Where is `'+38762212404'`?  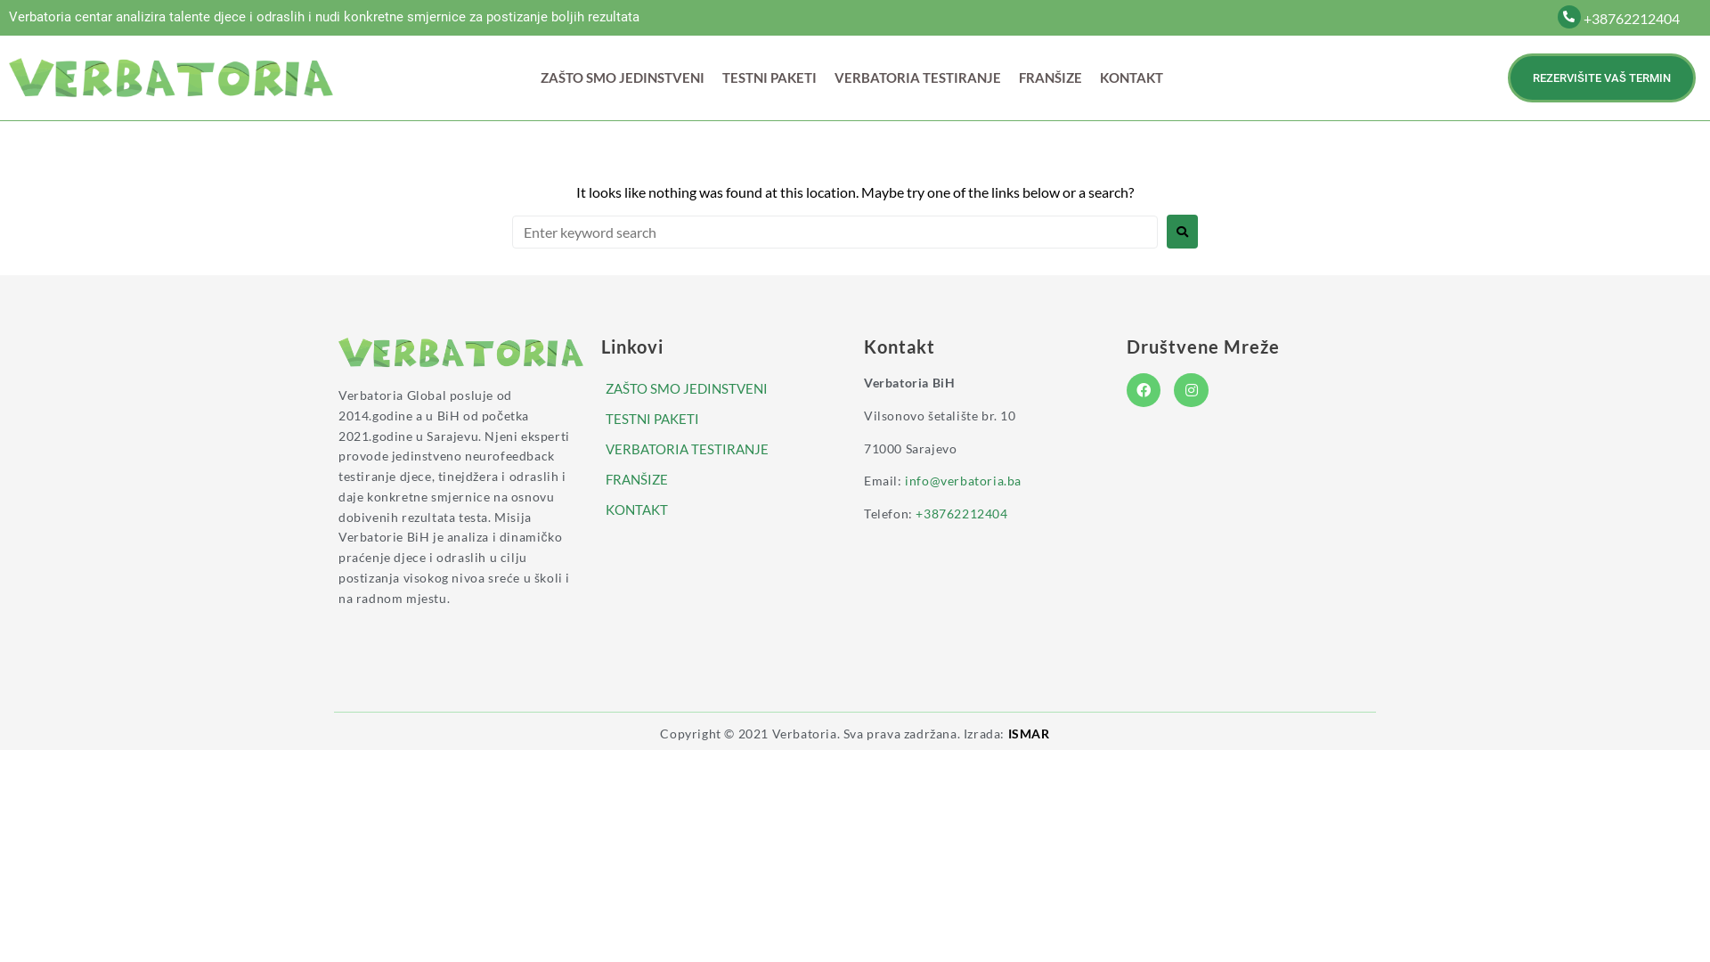
'+38762212404' is located at coordinates (960, 513).